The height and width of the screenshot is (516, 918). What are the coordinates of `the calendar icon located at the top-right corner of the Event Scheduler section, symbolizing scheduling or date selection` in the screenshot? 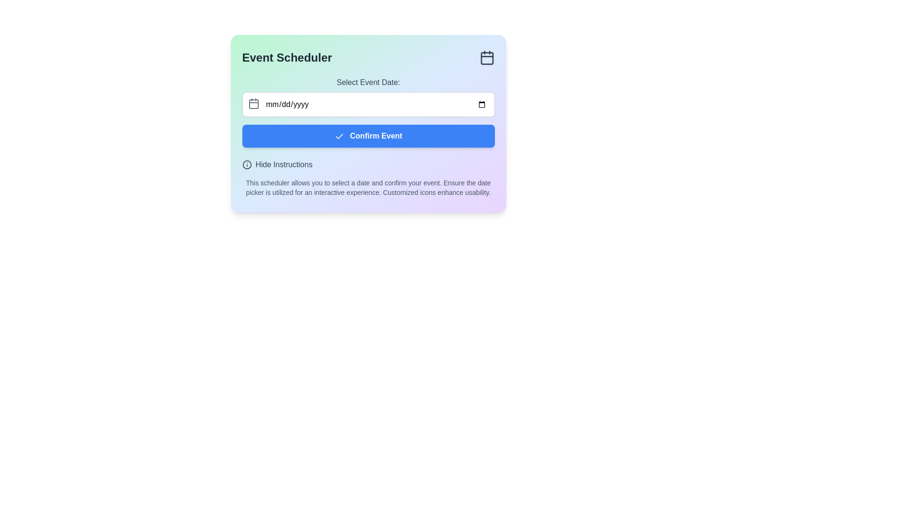 It's located at (487, 57).